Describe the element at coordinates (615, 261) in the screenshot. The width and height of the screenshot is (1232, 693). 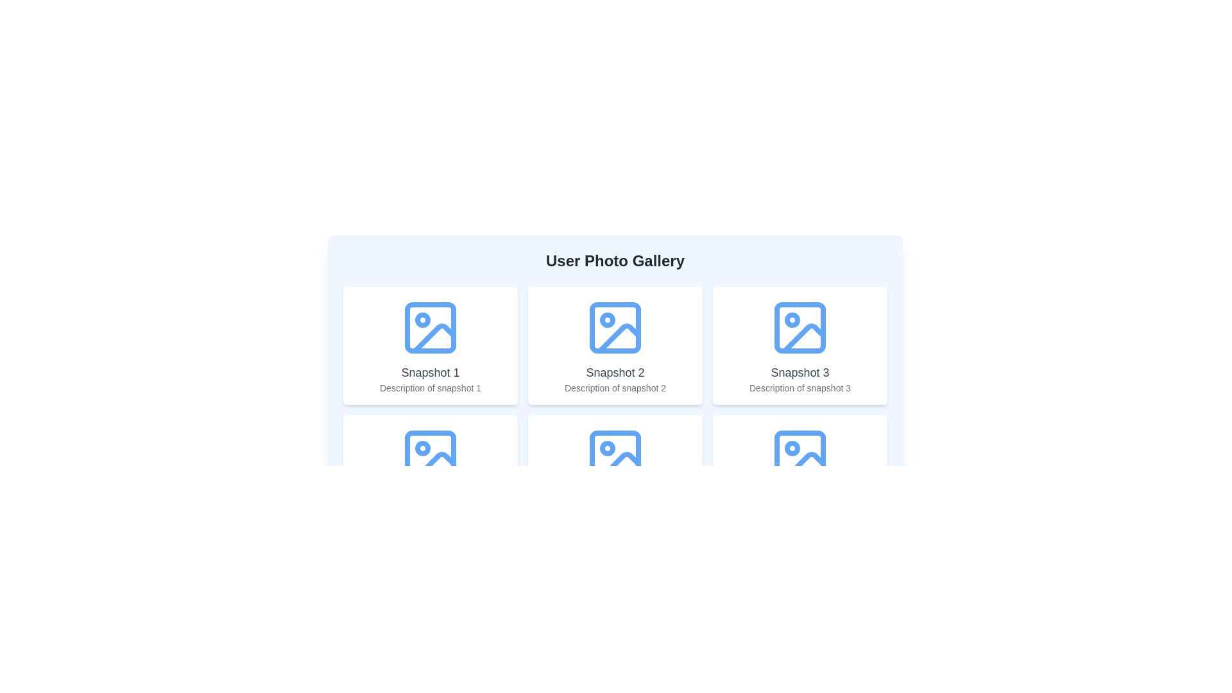
I see `the heading element that serves as the title for the section, located above a grid of snapshot thumbnails` at that location.